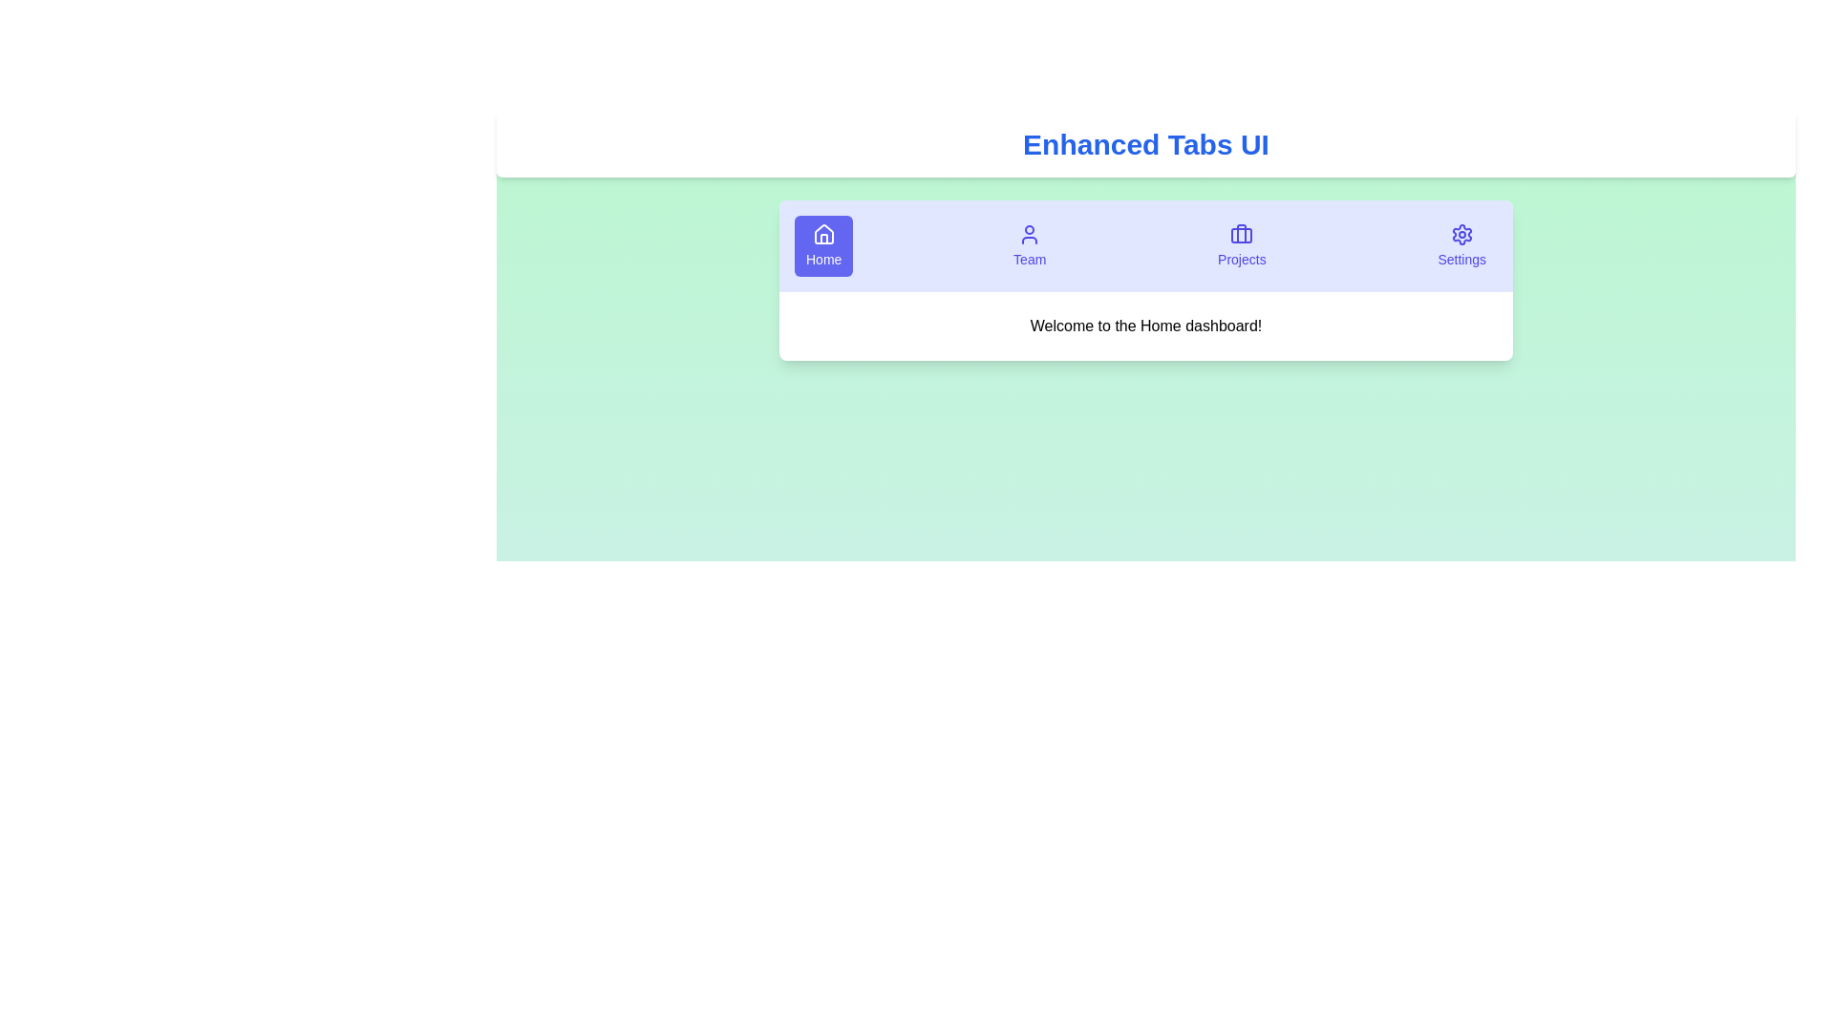  I want to click on the 'Settings' text label located below the gear icon in the navigation tab bar, so click(1461, 260).